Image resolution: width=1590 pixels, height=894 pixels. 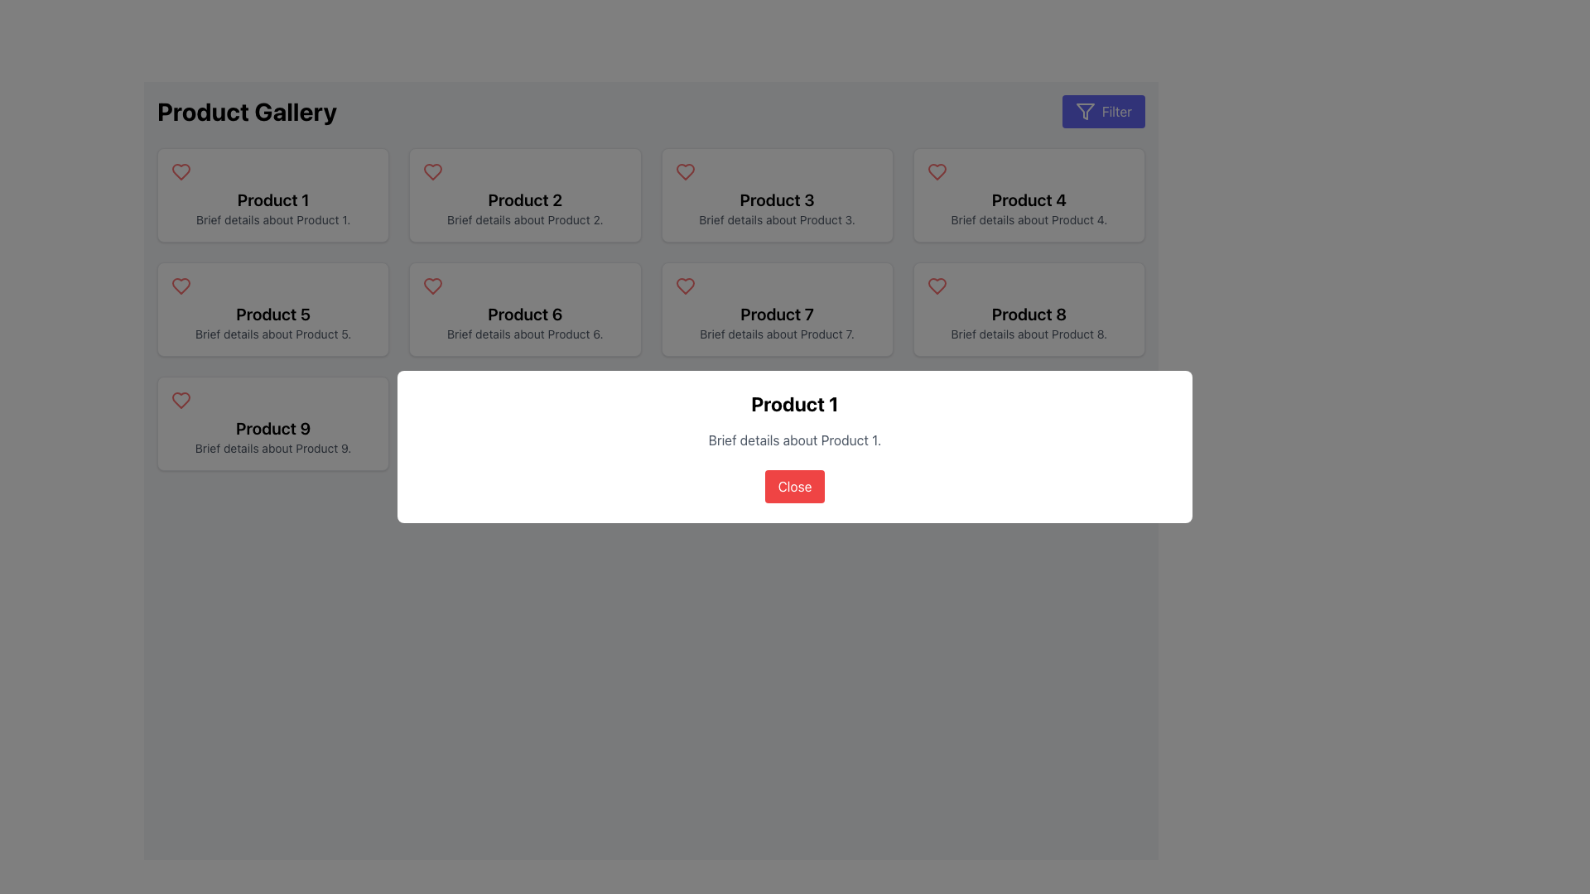 What do you see at coordinates (524, 334) in the screenshot?
I see `the text display element that provides a brief description of 'Product 6', located below the title in the product grid` at bounding box center [524, 334].